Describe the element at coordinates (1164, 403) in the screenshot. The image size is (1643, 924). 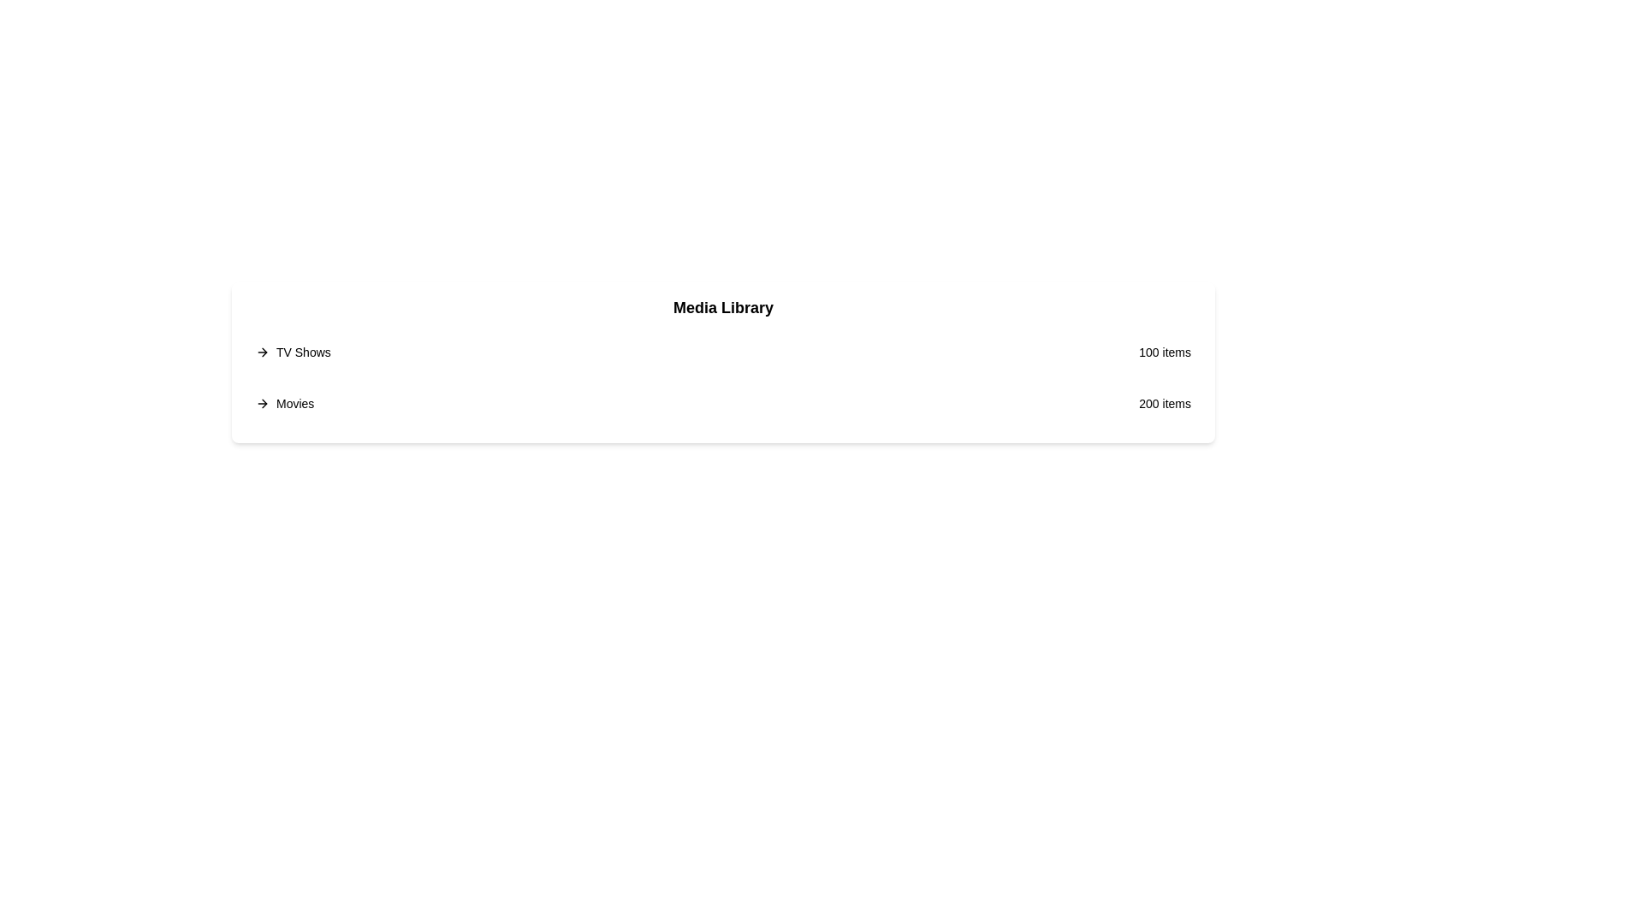
I see `the Text label displaying '200 items' located in the bottom right corner of the 'Movies' section` at that location.